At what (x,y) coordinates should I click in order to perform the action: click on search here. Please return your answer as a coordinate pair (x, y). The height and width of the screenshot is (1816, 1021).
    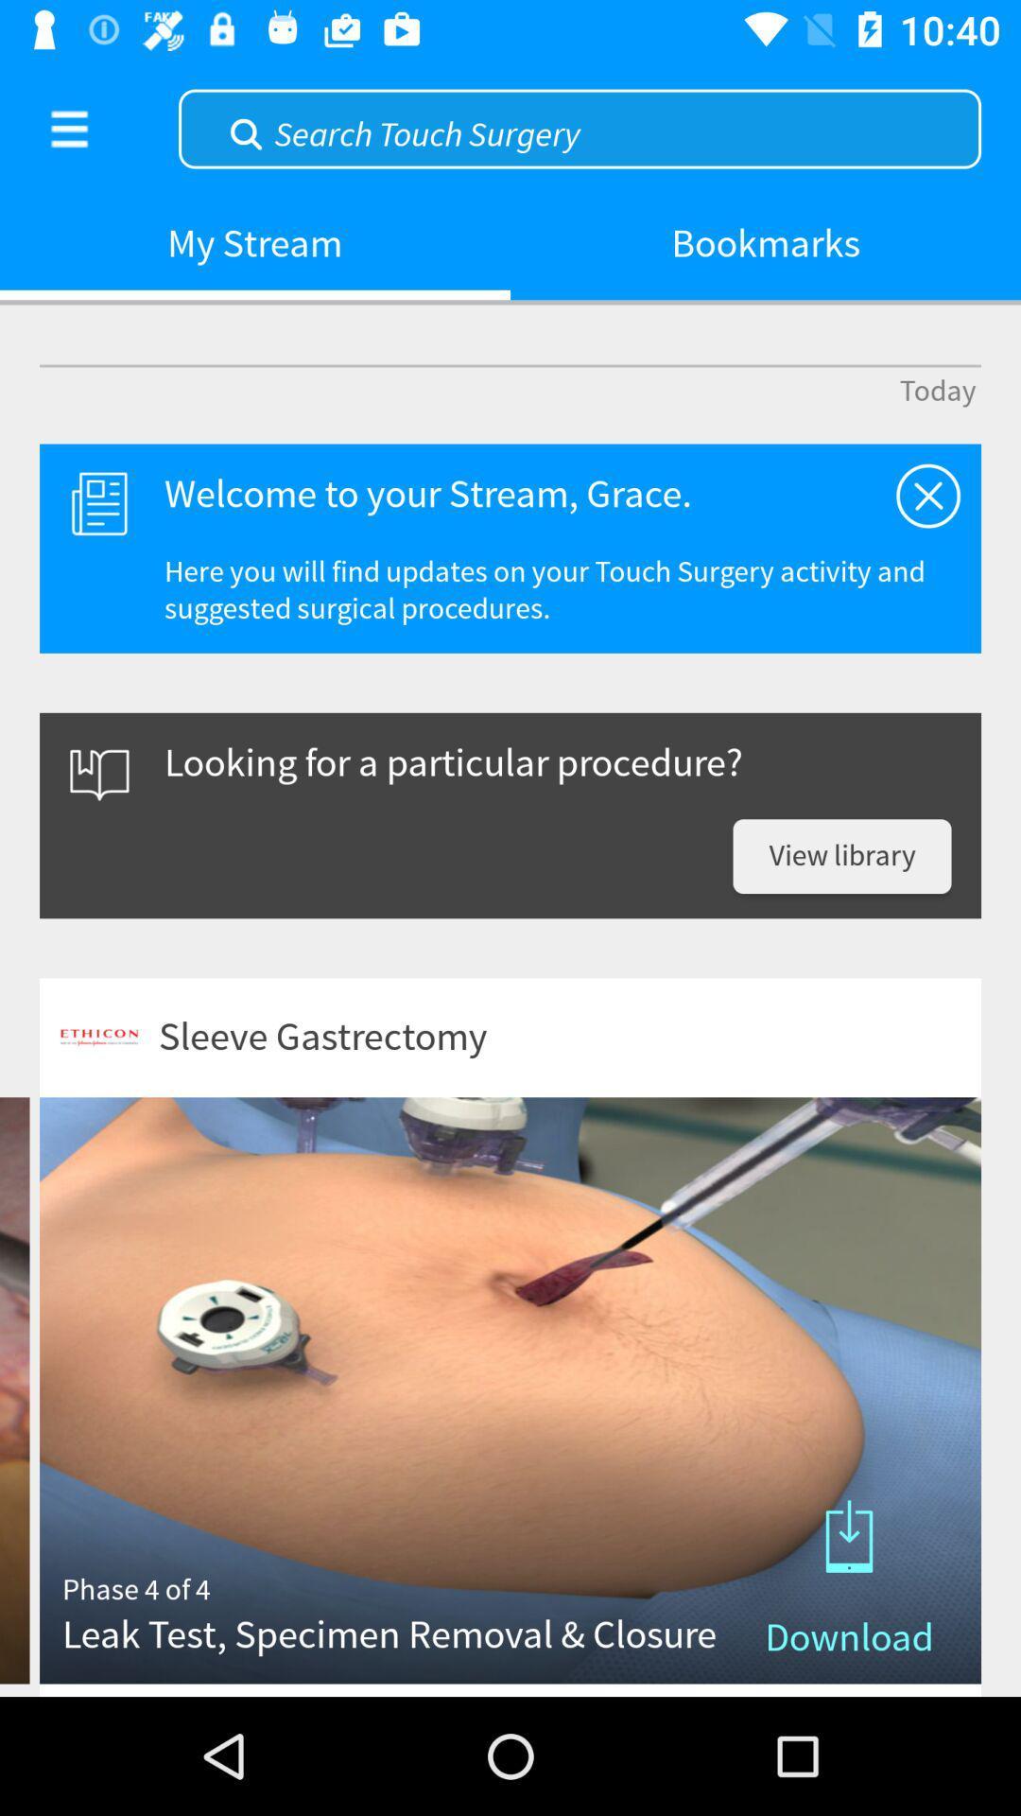
    Looking at the image, I should click on (579, 126).